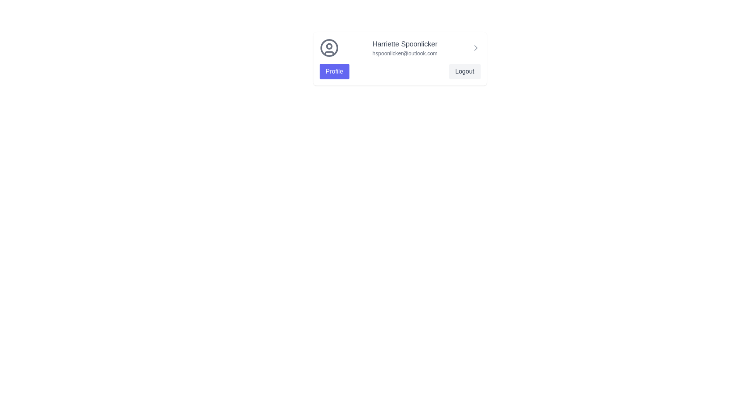  What do you see at coordinates (329, 48) in the screenshot?
I see `the largest circular graphic component that is part of the user profile icon, located at the center left of the card containing the user's name and email address` at bounding box center [329, 48].